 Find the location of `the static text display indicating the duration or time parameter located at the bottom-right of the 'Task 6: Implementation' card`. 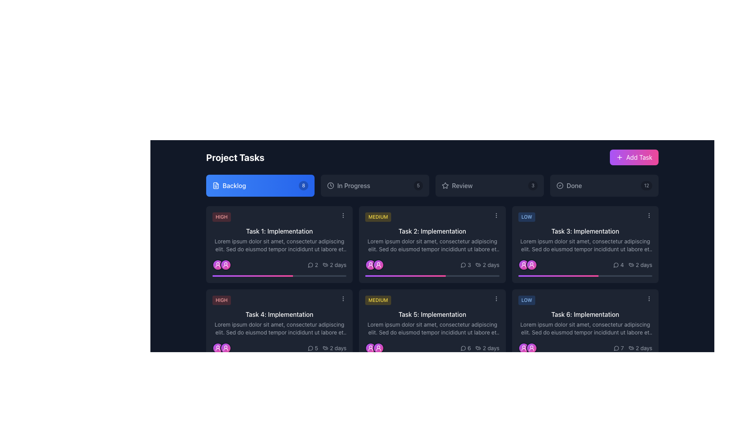

the static text display indicating the duration or time parameter located at the bottom-right of the 'Task 6: Implementation' card is located at coordinates (585, 348).